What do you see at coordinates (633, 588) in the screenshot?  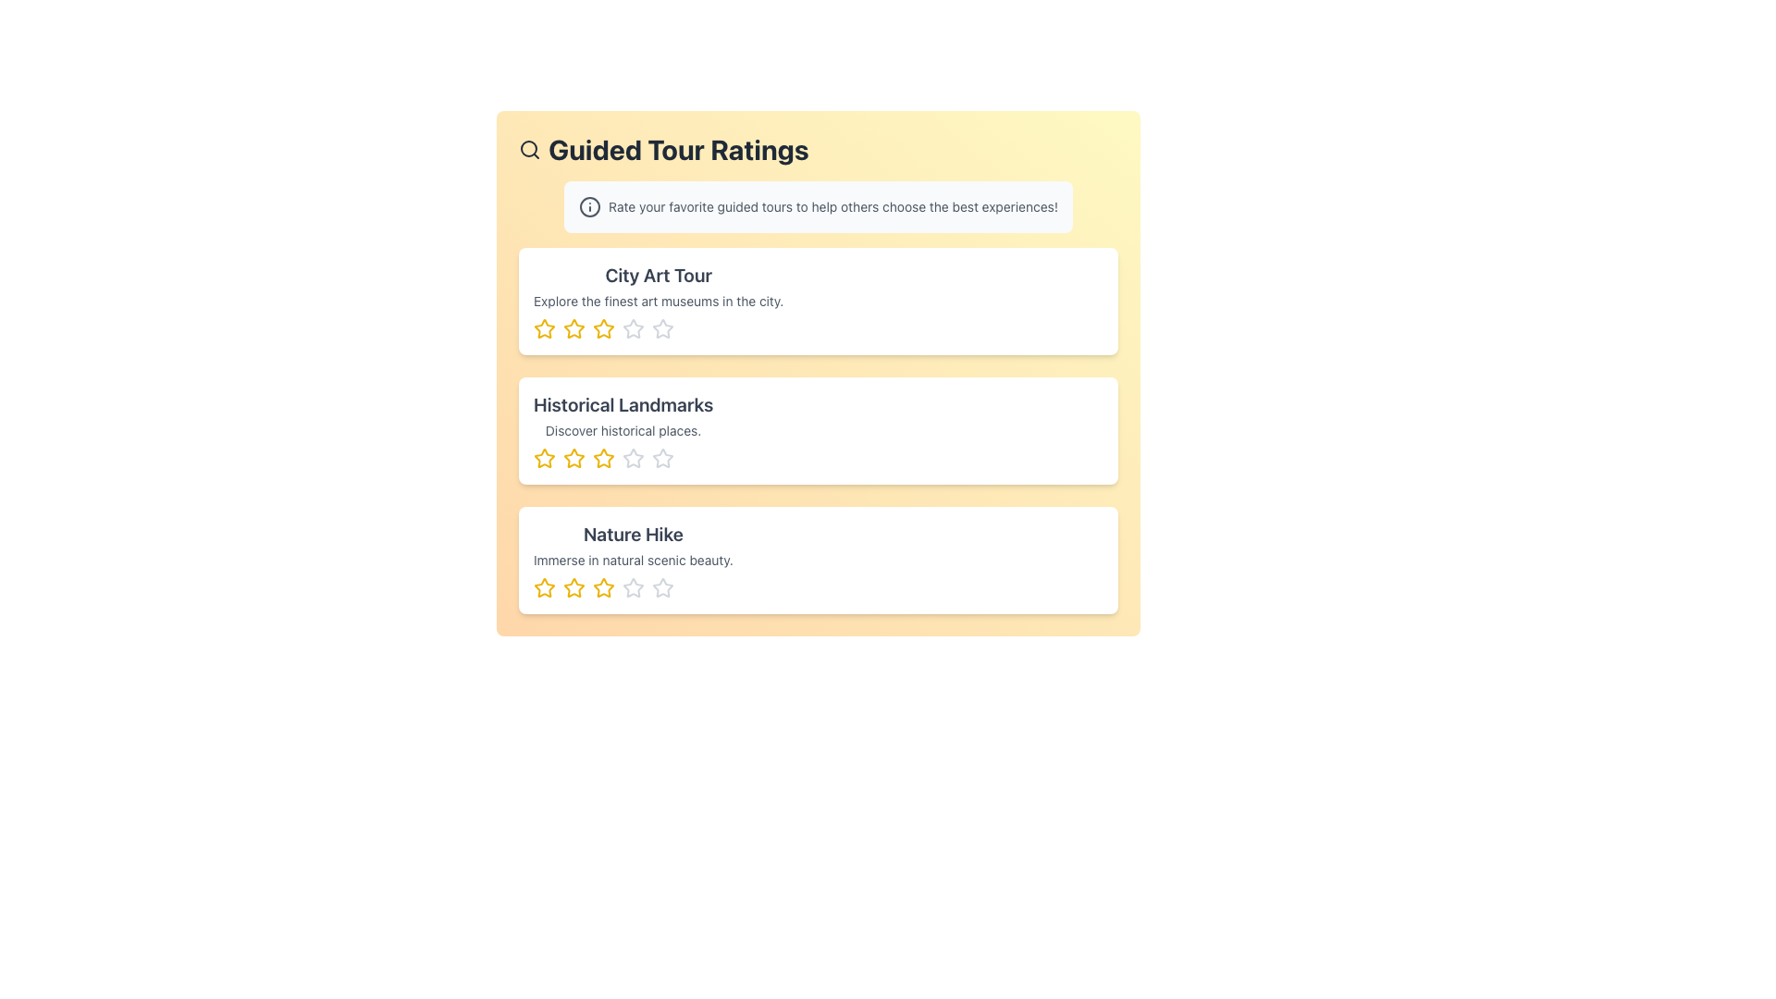 I see `a star in the Rating Stars Group for the 'Nature Hike' section` at bounding box center [633, 588].